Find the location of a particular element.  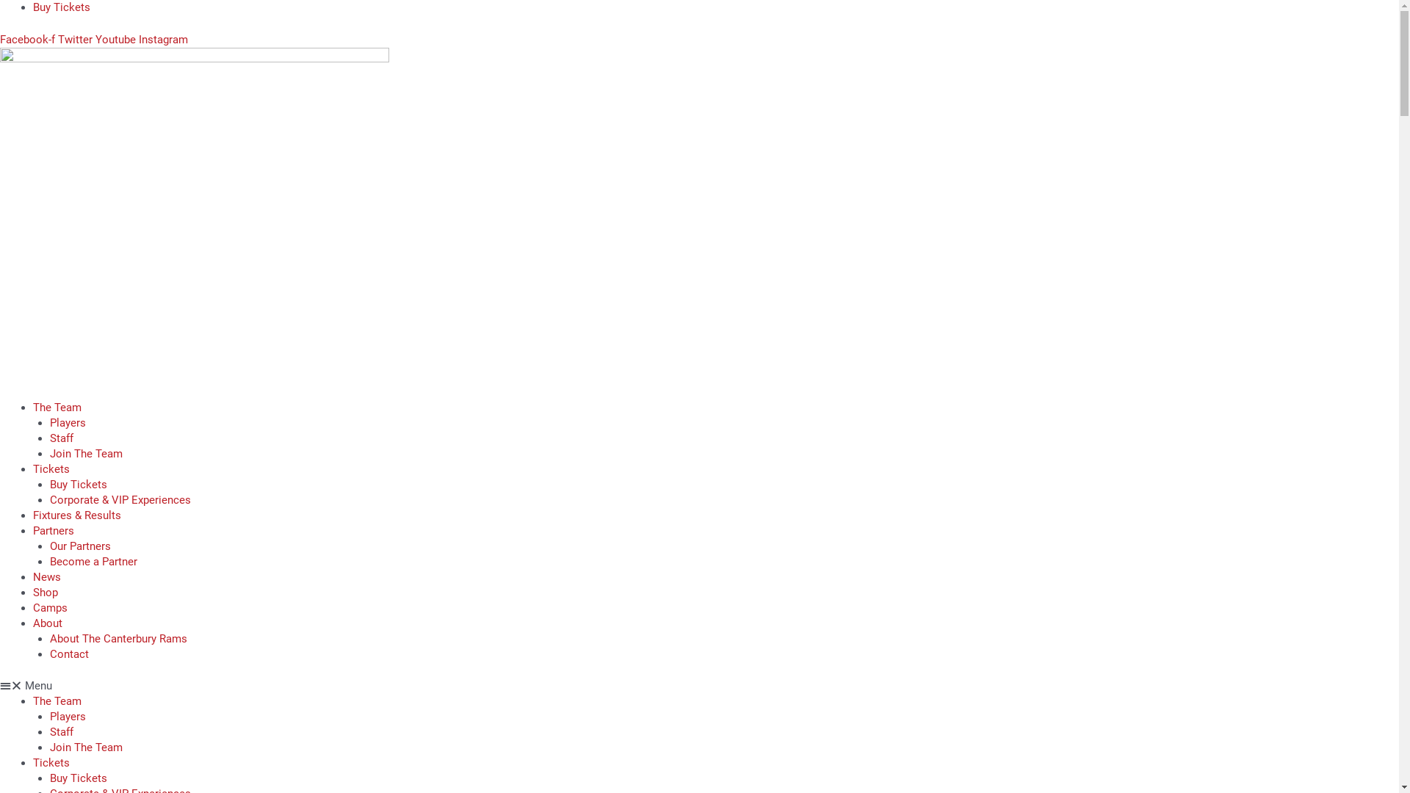

'The Team' is located at coordinates (57, 700).